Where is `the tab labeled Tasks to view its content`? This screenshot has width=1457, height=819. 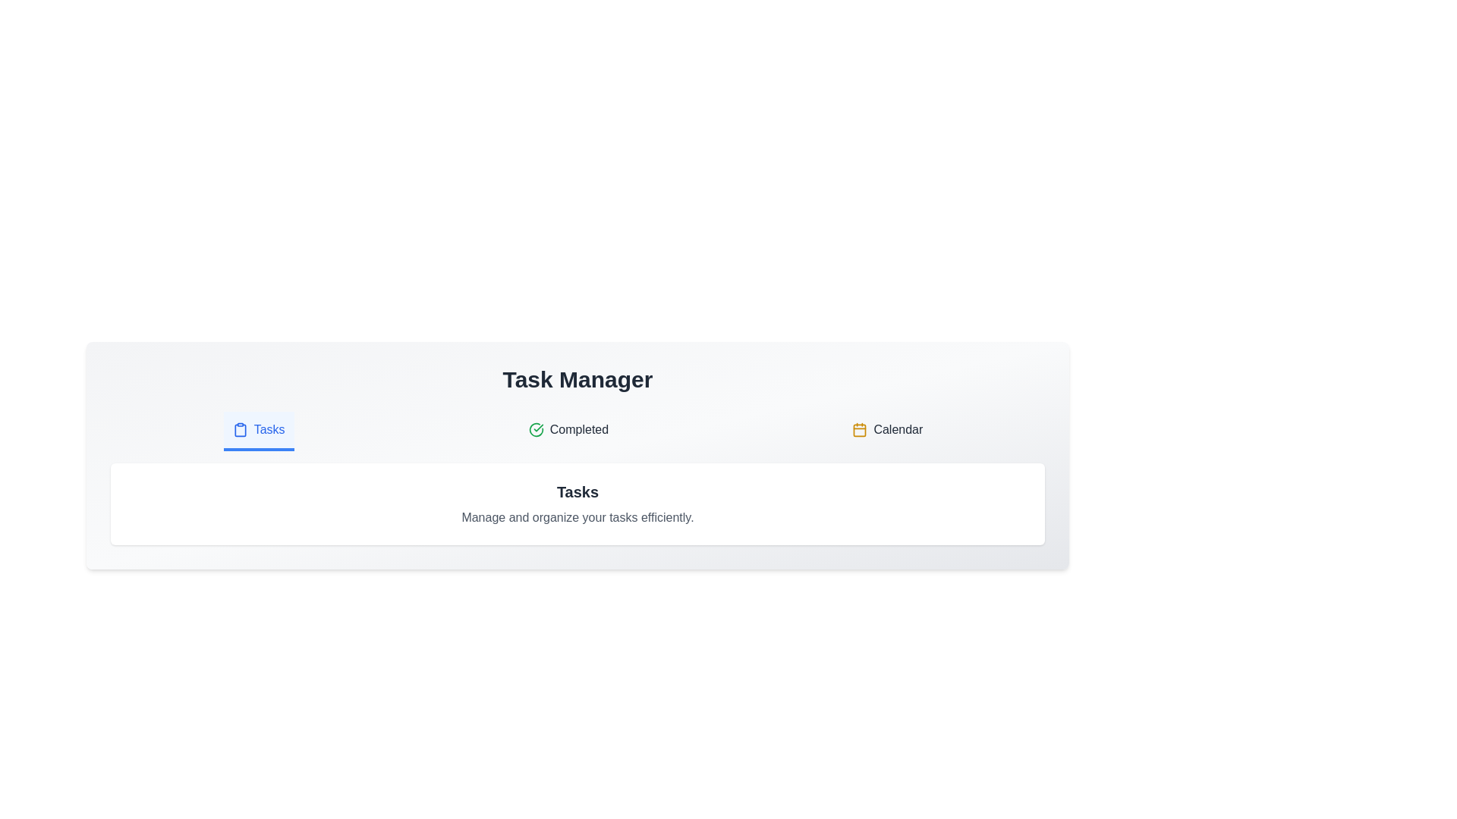 the tab labeled Tasks to view its content is located at coordinates (258, 431).